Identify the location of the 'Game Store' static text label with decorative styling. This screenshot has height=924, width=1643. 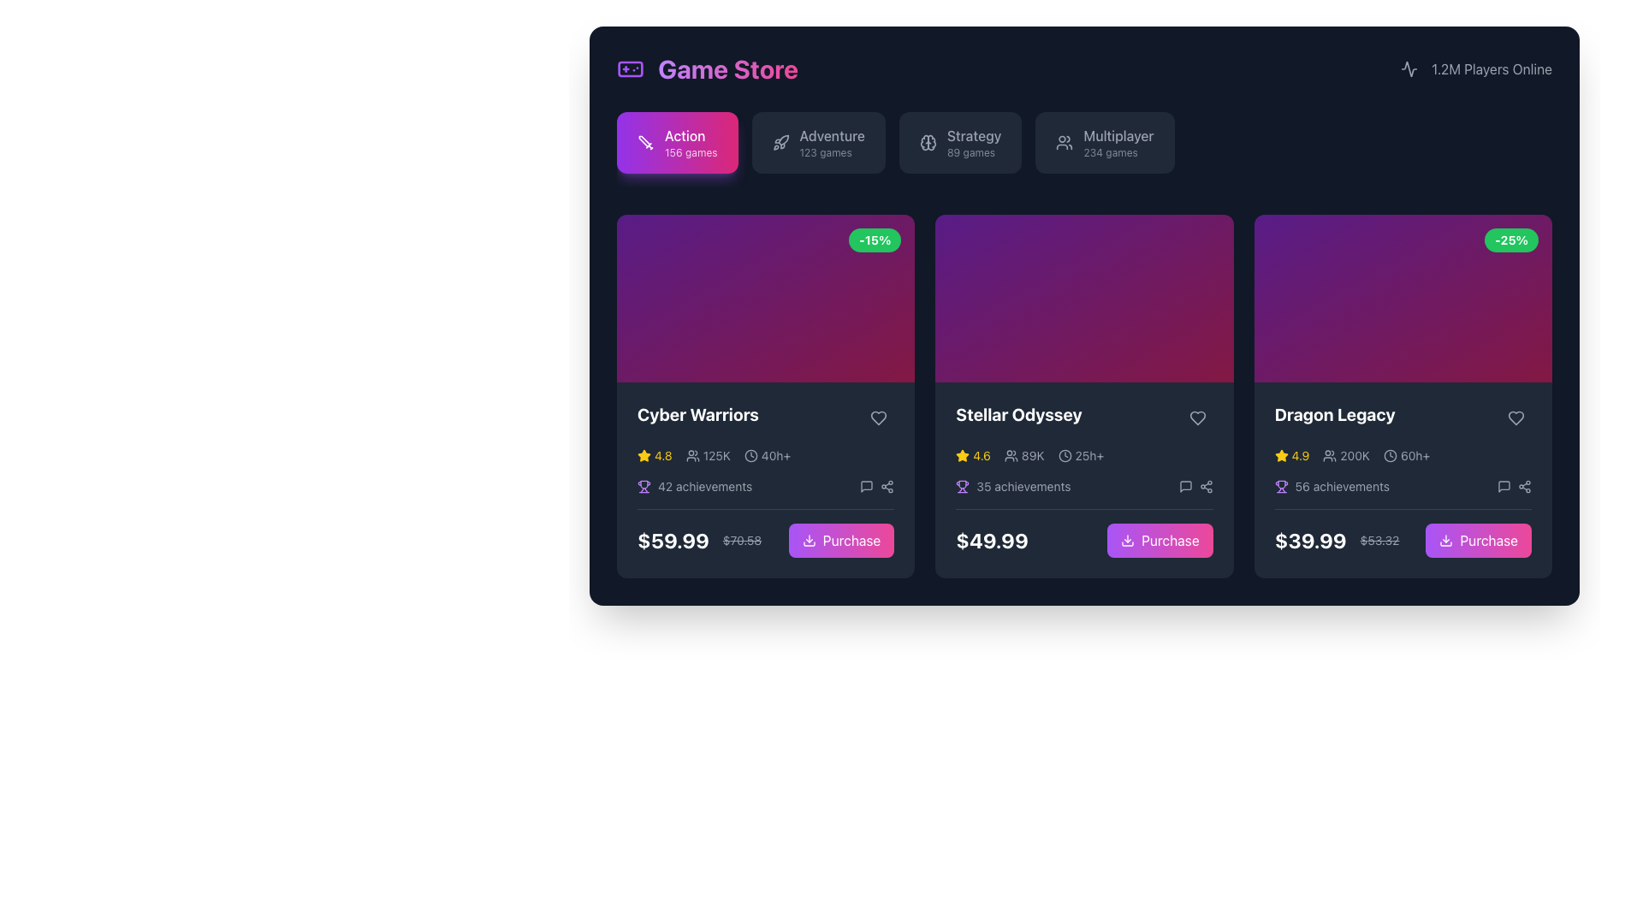
(708, 68).